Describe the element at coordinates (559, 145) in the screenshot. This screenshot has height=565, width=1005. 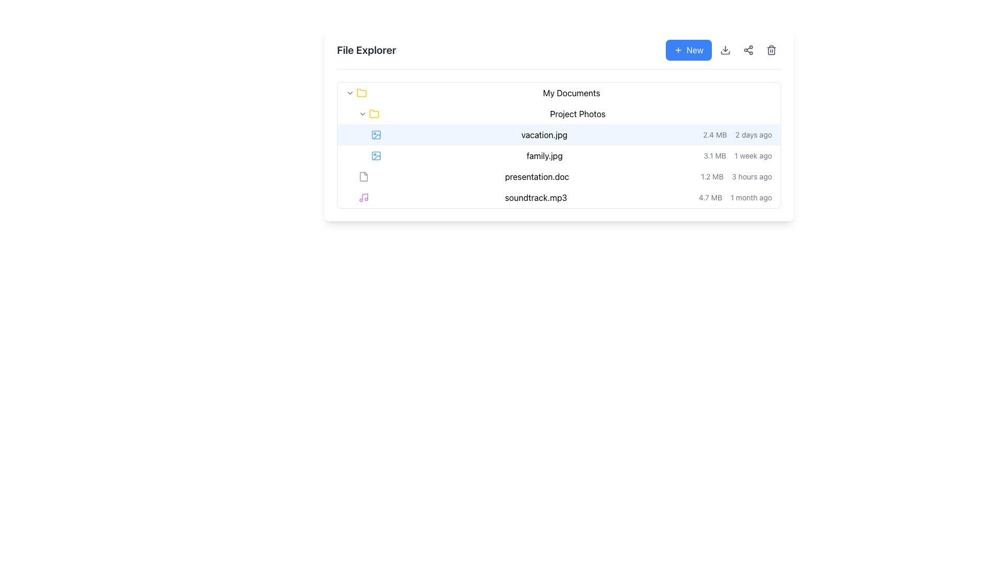
I see `the file entry 'vacation.jpg'` at that location.